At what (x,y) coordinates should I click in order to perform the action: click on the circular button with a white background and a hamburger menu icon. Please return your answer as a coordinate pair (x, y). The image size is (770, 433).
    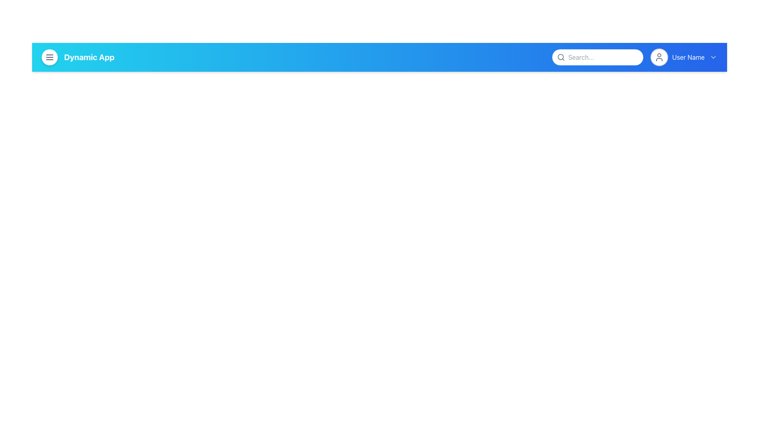
    Looking at the image, I should click on (49, 57).